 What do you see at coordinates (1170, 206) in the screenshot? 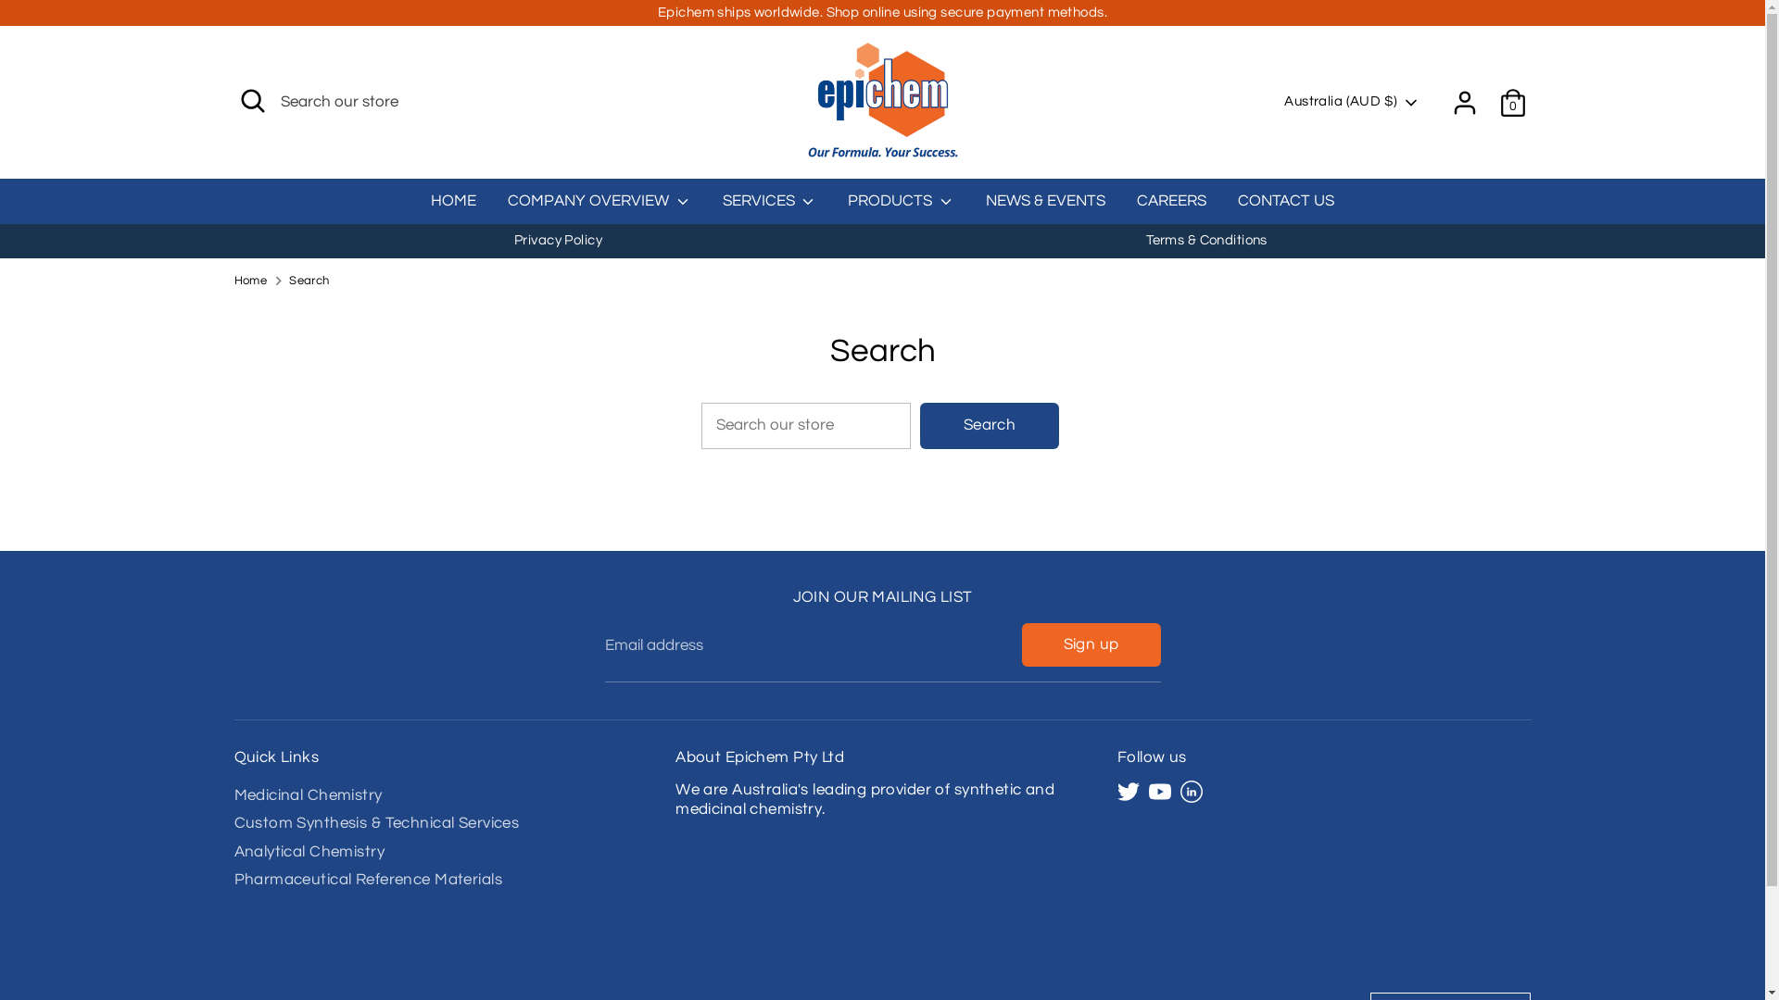
I see `'CAREERS'` at bounding box center [1170, 206].